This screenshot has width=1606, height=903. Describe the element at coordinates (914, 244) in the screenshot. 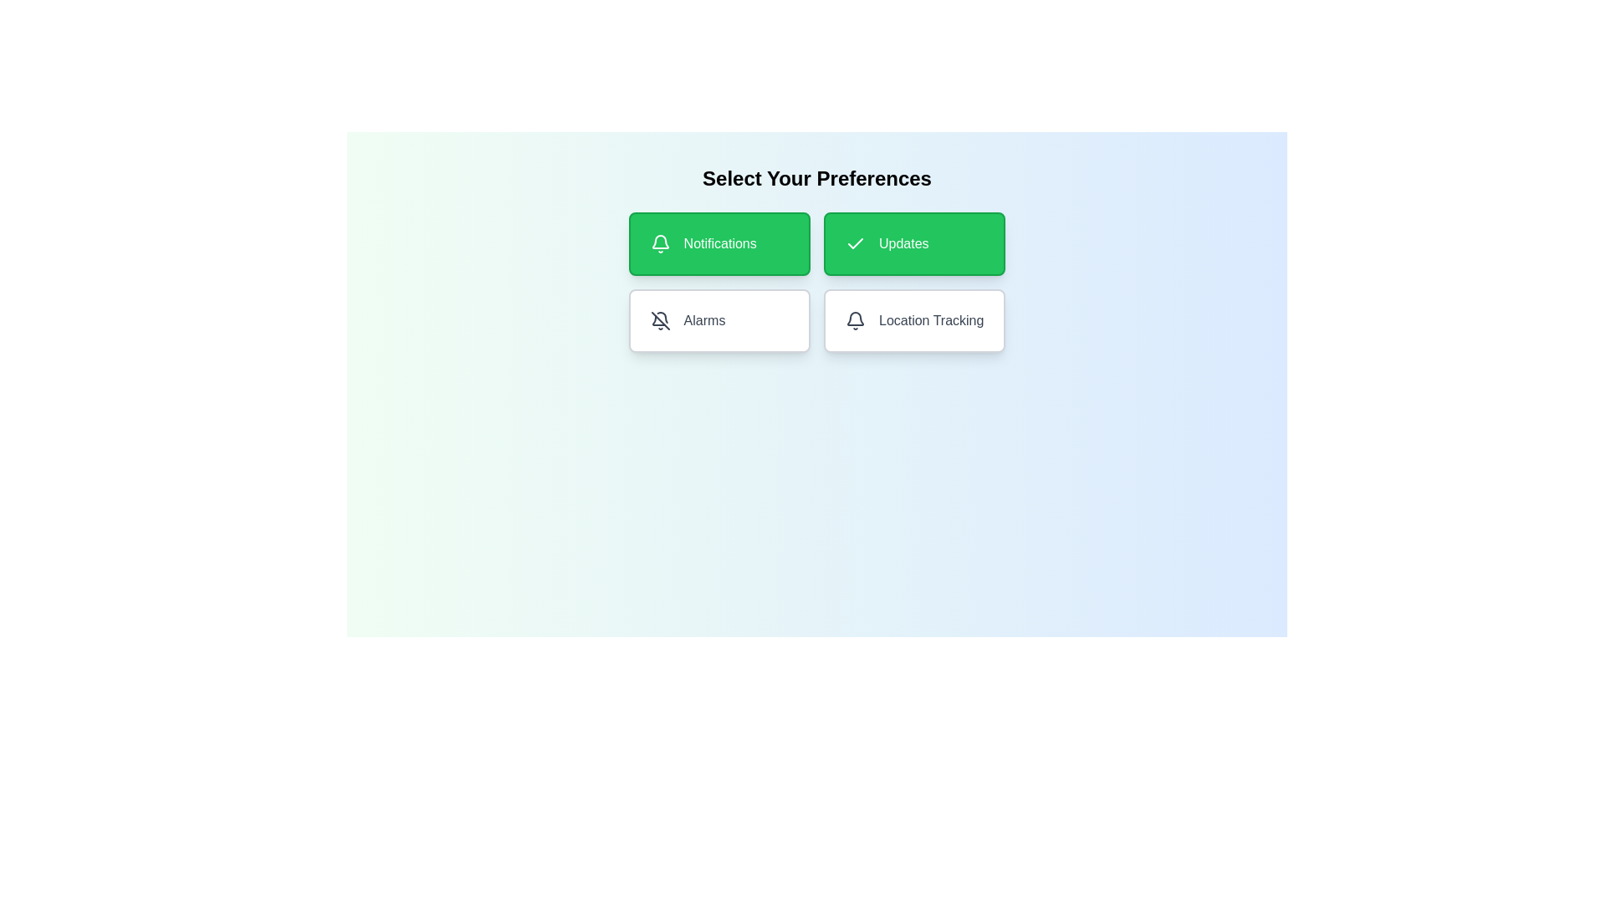

I see `the button labeled Updates to observe its hover effect` at that location.